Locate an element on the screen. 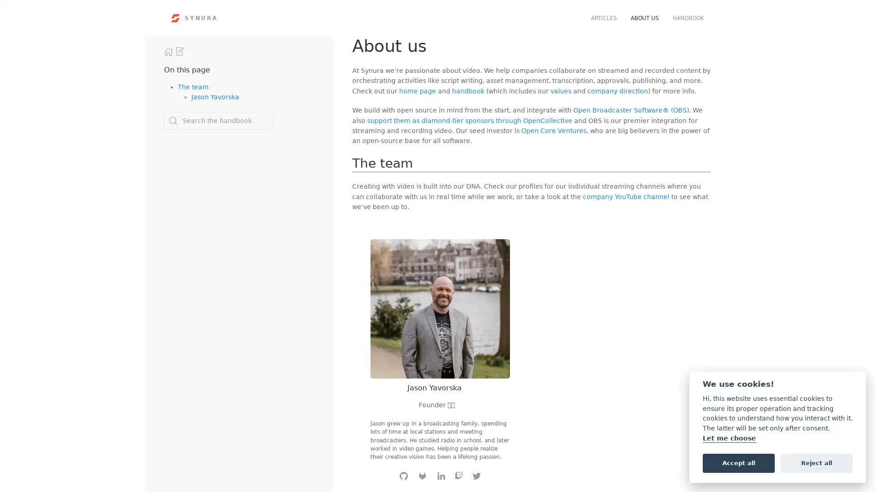 The width and height of the screenshot is (875, 492). Accept all is located at coordinates (738, 462).